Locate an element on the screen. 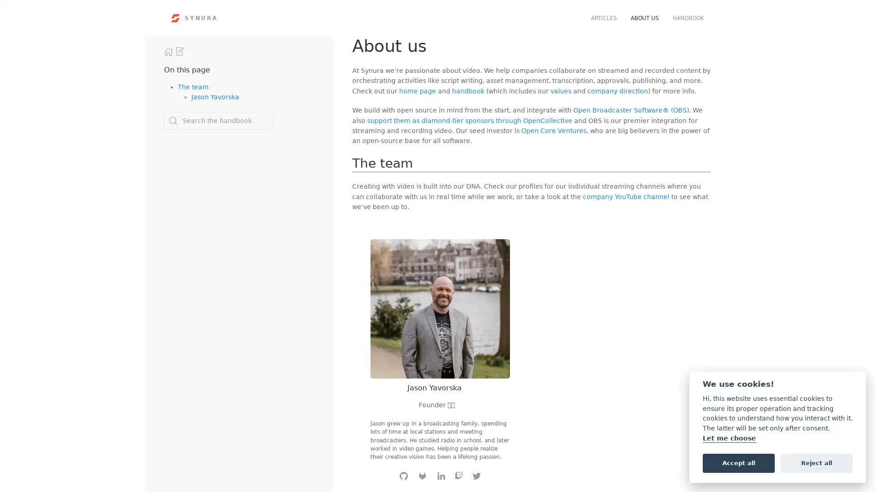 The width and height of the screenshot is (875, 492). Accept all is located at coordinates (738, 462).